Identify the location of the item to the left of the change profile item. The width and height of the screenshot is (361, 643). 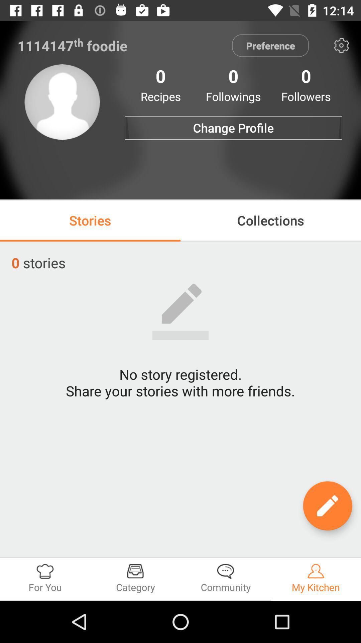
(62, 101).